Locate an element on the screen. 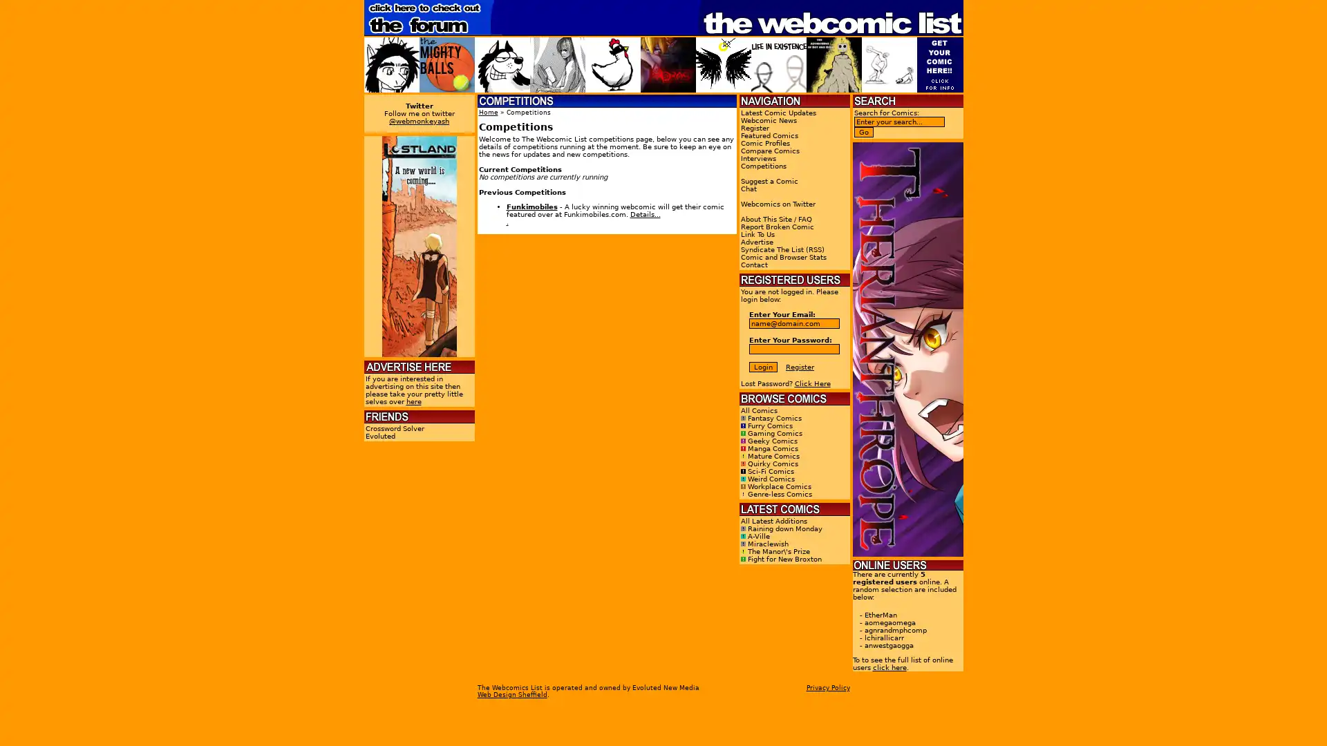  Login is located at coordinates (762, 366).